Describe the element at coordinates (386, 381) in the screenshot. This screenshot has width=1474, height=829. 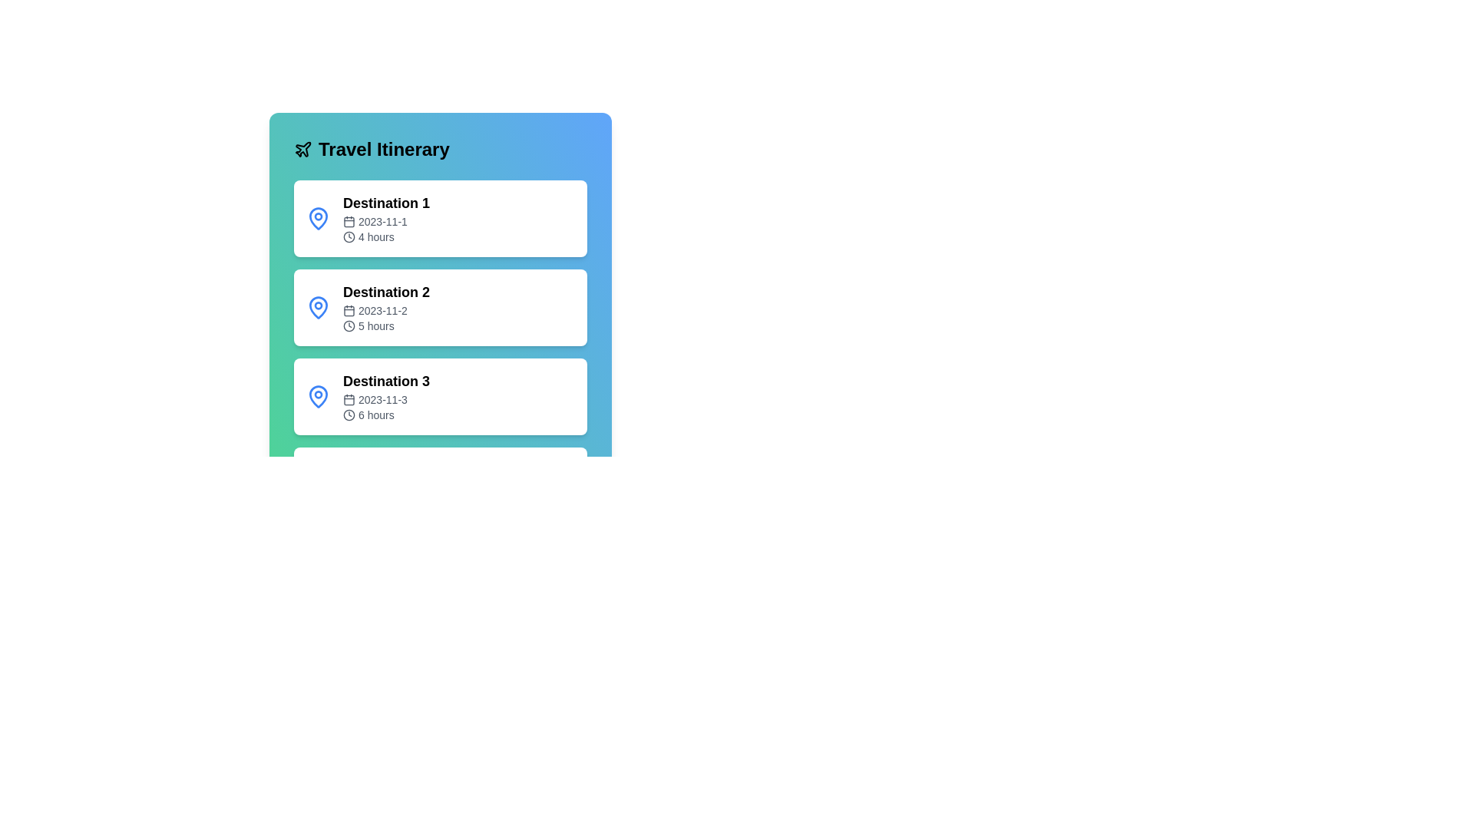
I see `the static text label indicating the travel destination name, which is the top text inside the third card of the vertical list in the travel itinerary interface` at that location.